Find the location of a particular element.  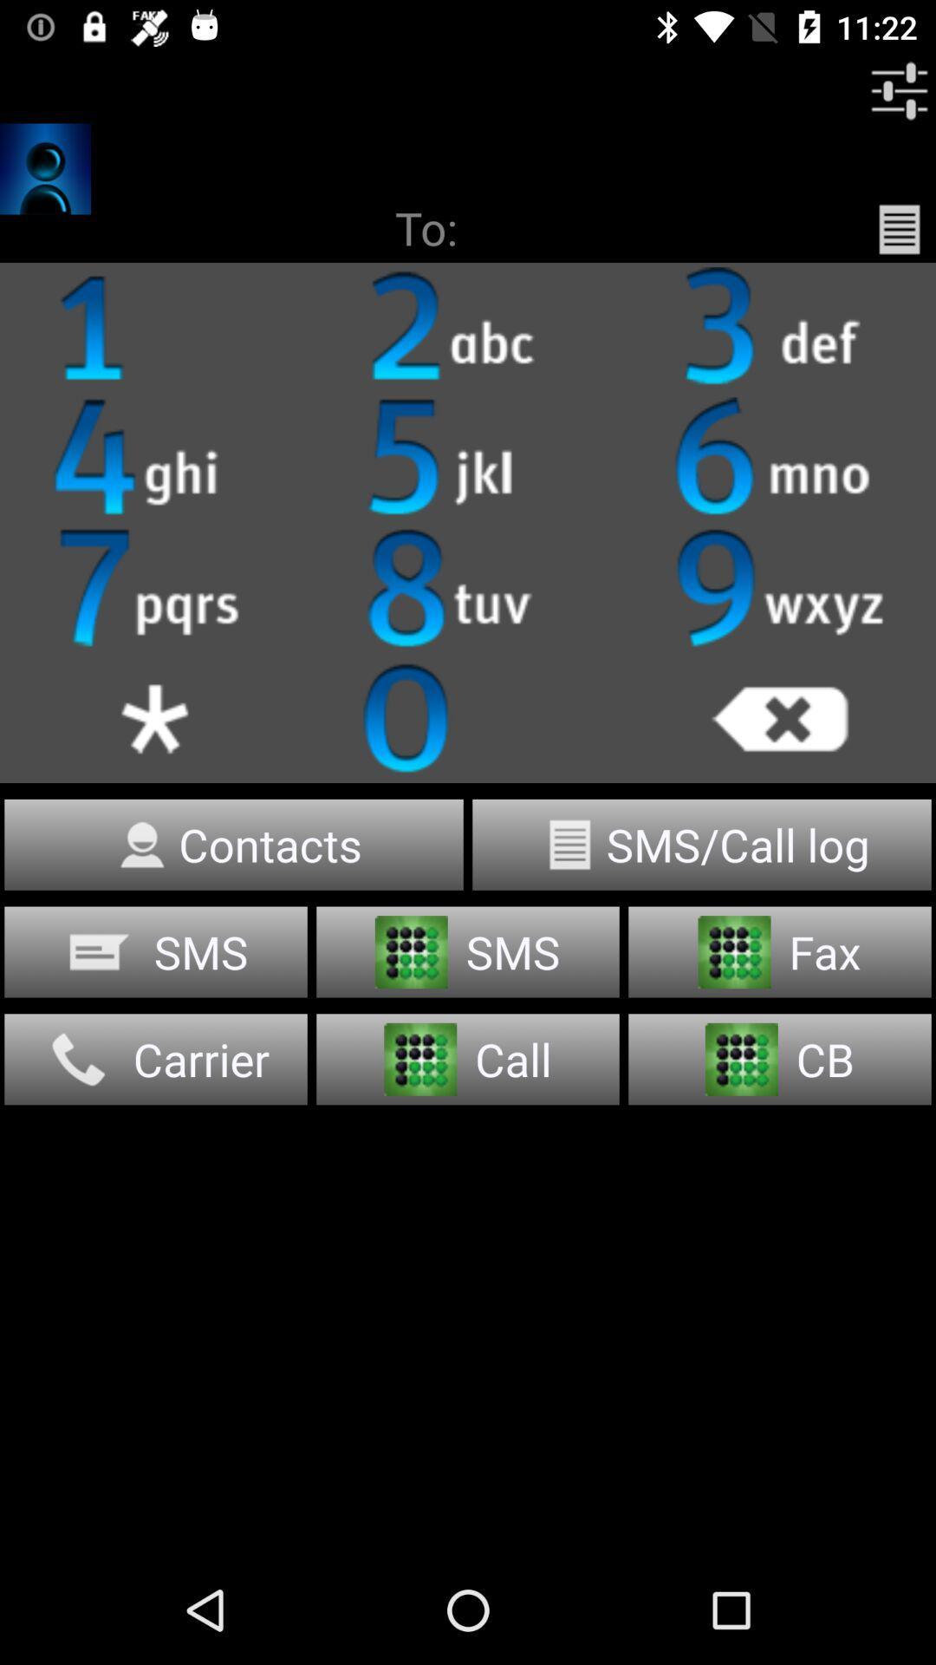

text below 5 jkl is located at coordinates (468, 587).